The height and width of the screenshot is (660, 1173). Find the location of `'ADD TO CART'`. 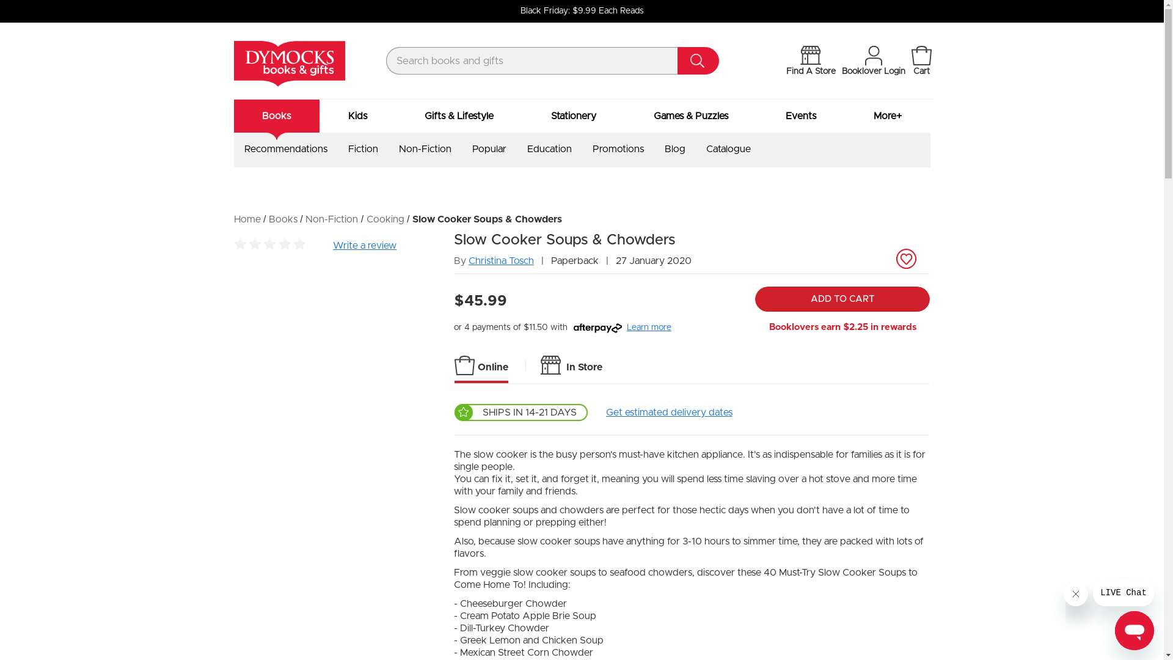

'ADD TO CART' is located at coordinates (841, 299).